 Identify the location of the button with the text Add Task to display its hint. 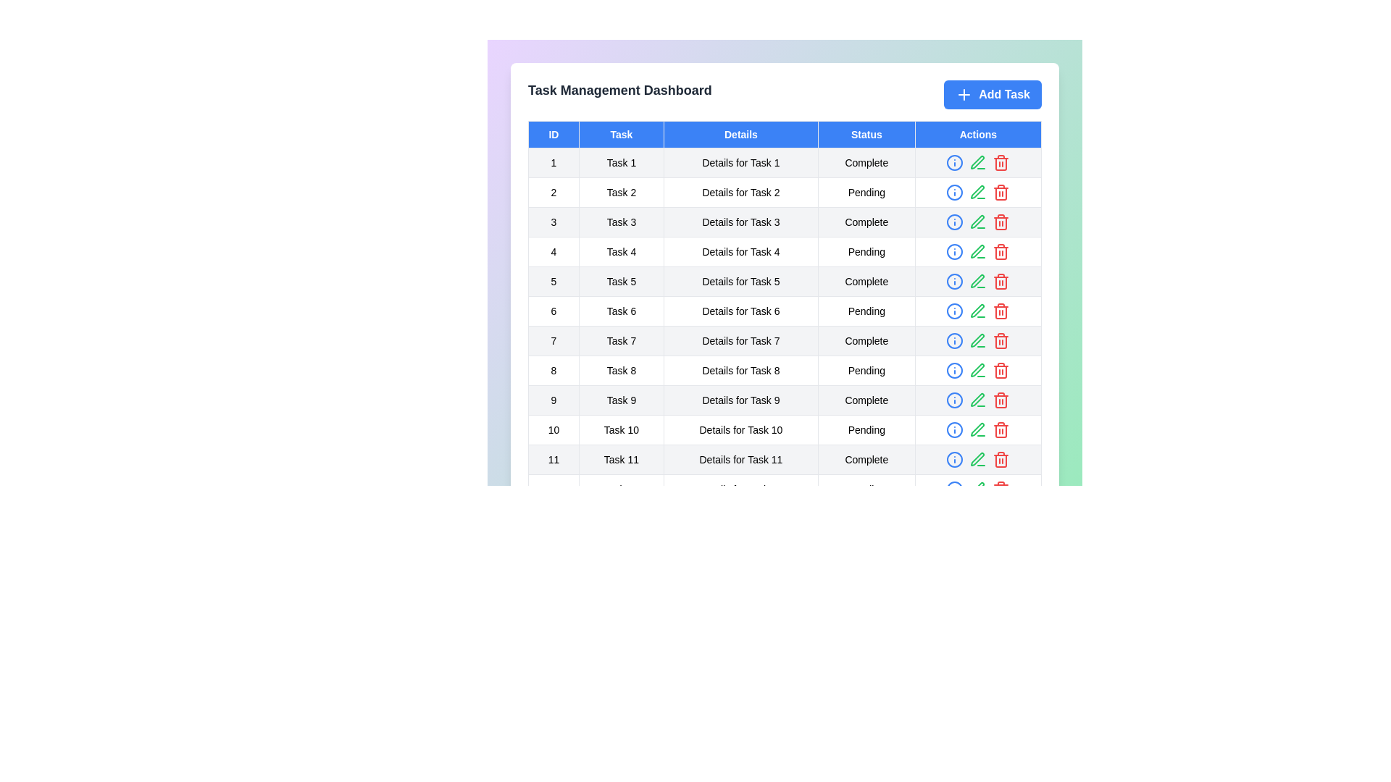
(992, 95).